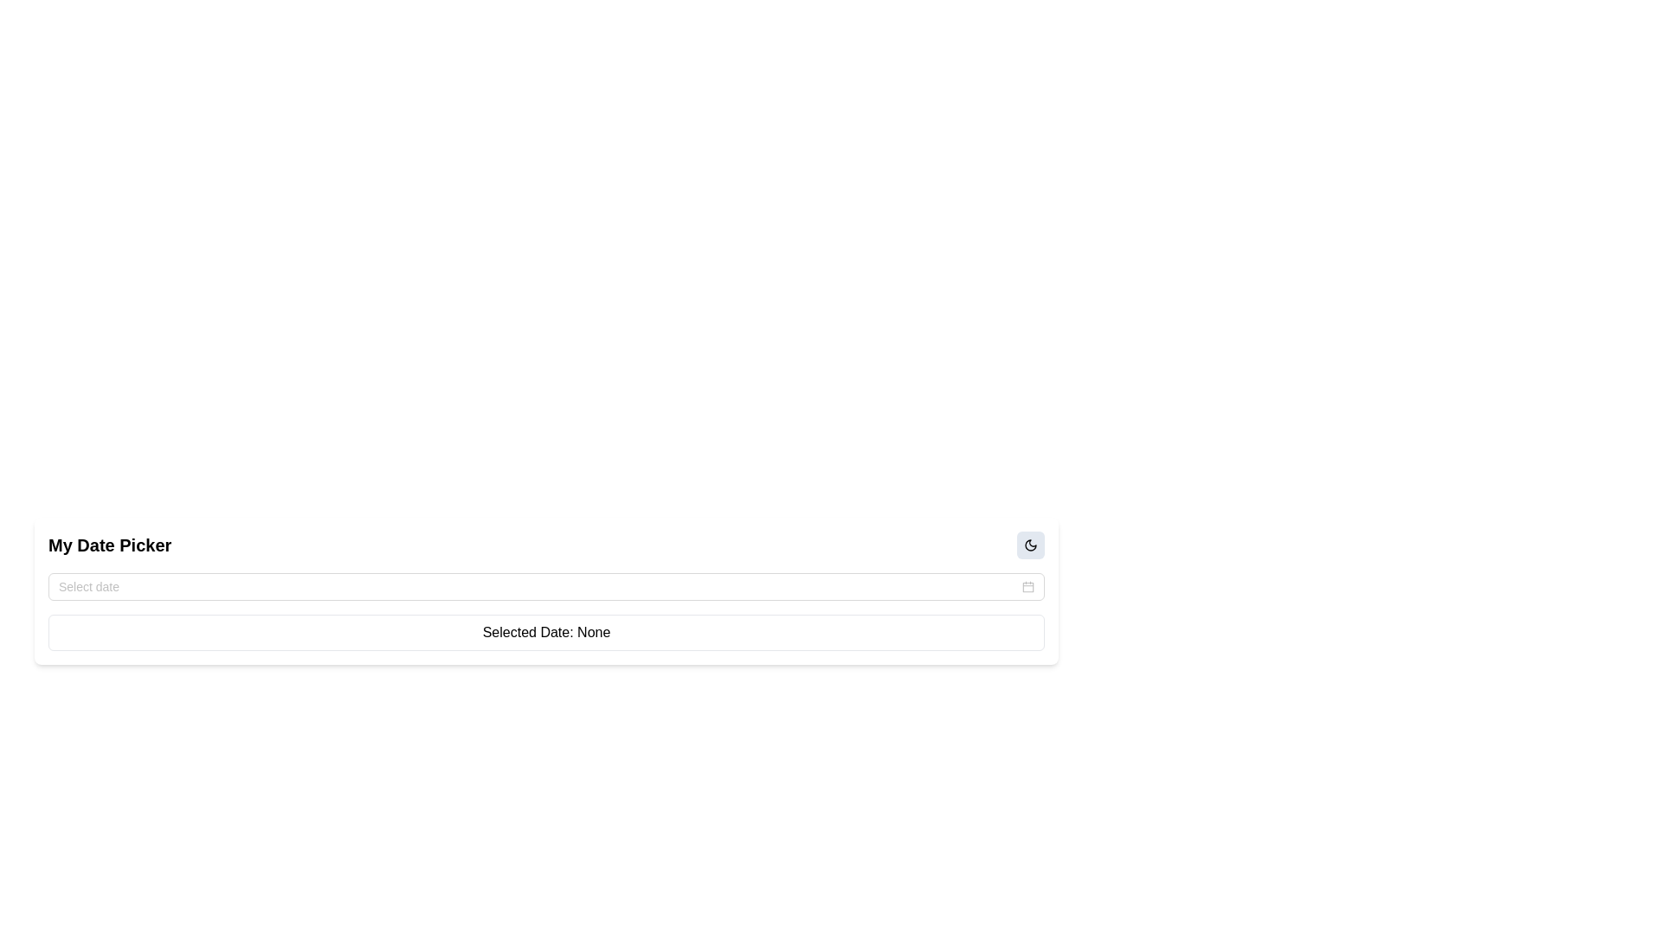  What do you see at coordinates (1028, 586) in the screenshot?
I see `the gray calendar icon located on the far right side of the text input field, which is part of the date picker component` at bounding box center [1028, 586].